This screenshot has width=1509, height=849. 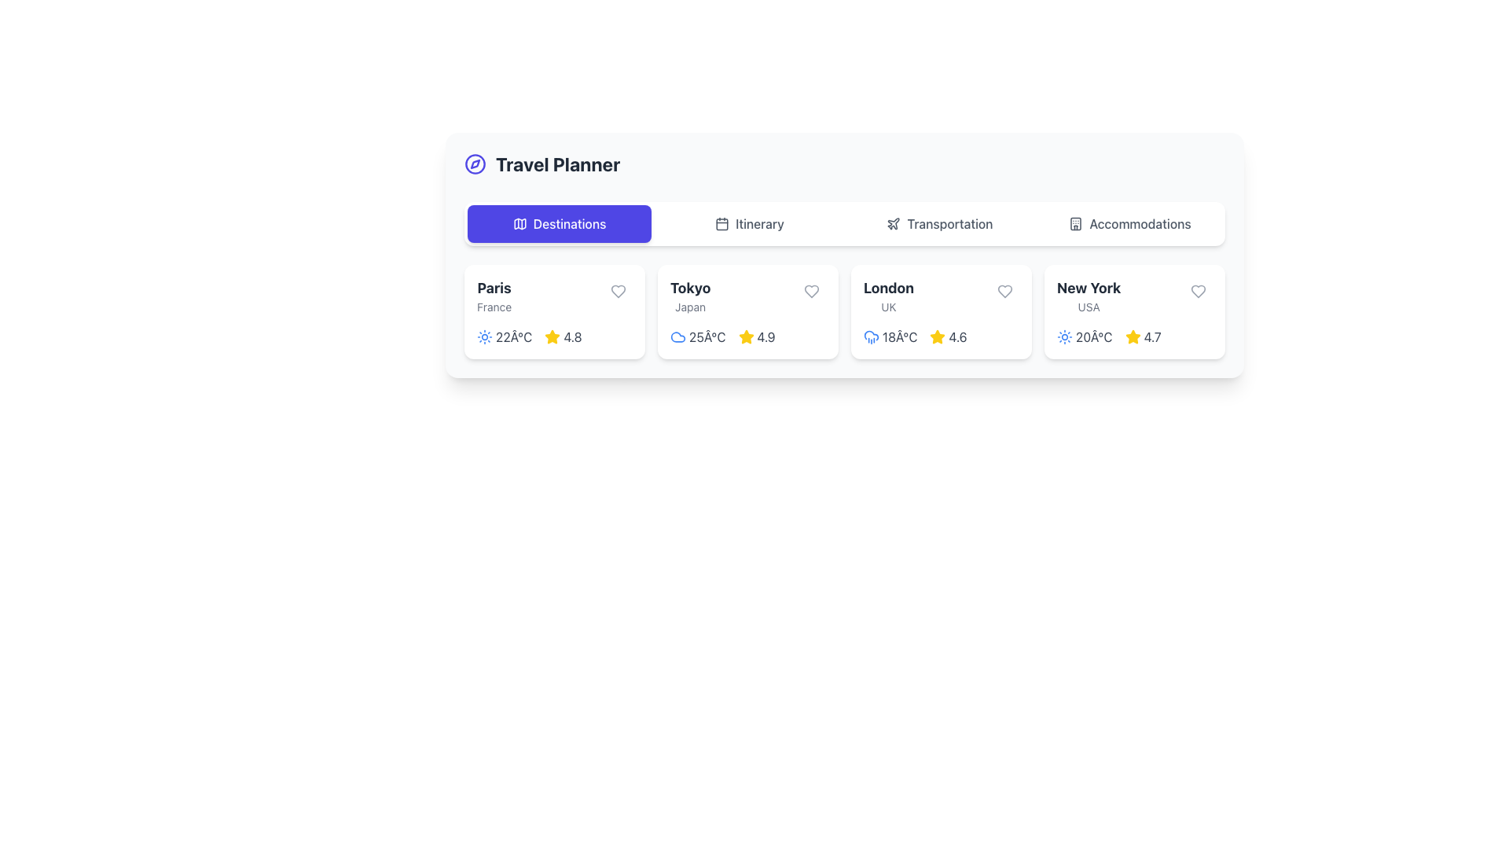 I want to click on the informational card displaying details about London, UK, so click(x=942, y=312).